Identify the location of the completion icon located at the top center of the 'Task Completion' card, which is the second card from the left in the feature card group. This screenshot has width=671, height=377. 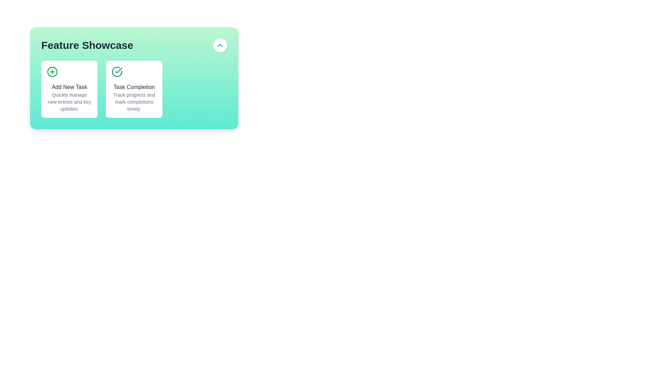
(117, 72).